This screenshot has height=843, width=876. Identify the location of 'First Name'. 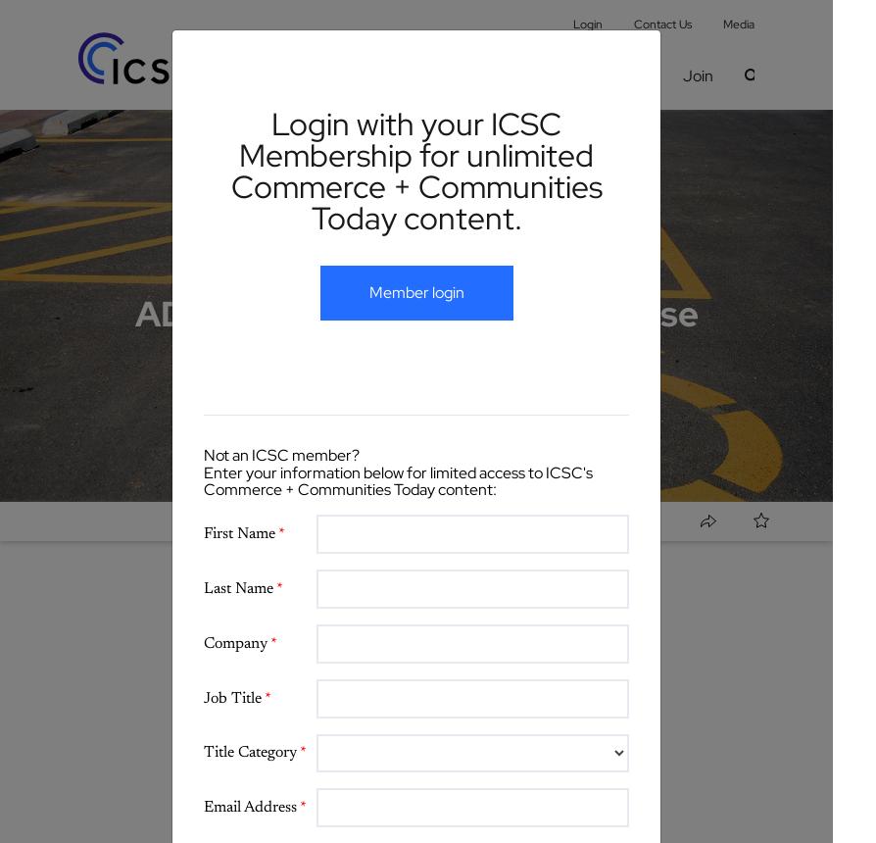
(240, 533).